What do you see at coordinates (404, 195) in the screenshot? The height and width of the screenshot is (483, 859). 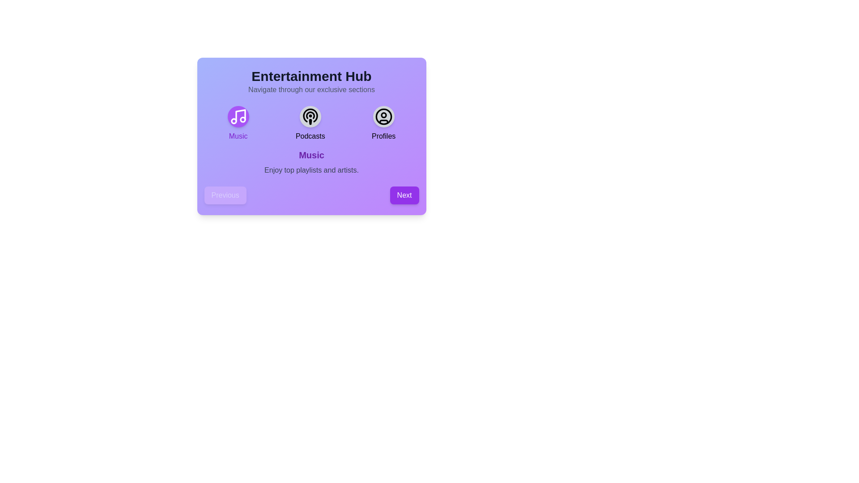 I see `'Next' button to navigate to the next section` at bounding box center [404, 195].